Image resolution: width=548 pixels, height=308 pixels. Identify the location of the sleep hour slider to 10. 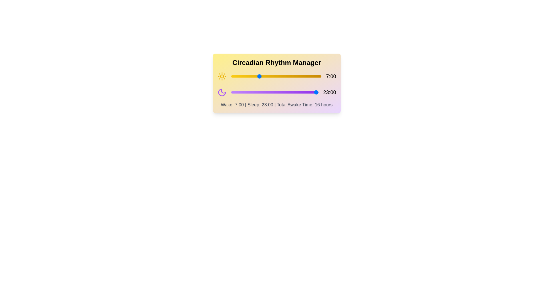
(269, 92).